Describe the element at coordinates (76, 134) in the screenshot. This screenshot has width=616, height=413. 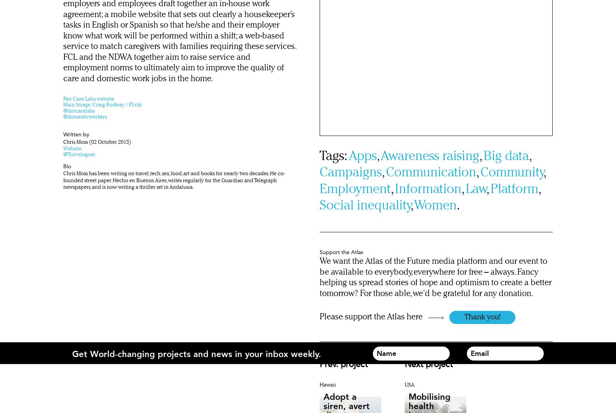
I see `'Written by'` at that location.